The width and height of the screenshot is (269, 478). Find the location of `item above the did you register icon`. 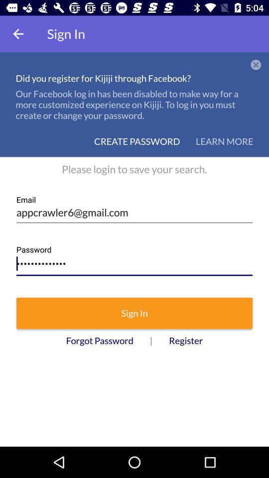

item above the did you register icon is located at coordinates (18, 34).